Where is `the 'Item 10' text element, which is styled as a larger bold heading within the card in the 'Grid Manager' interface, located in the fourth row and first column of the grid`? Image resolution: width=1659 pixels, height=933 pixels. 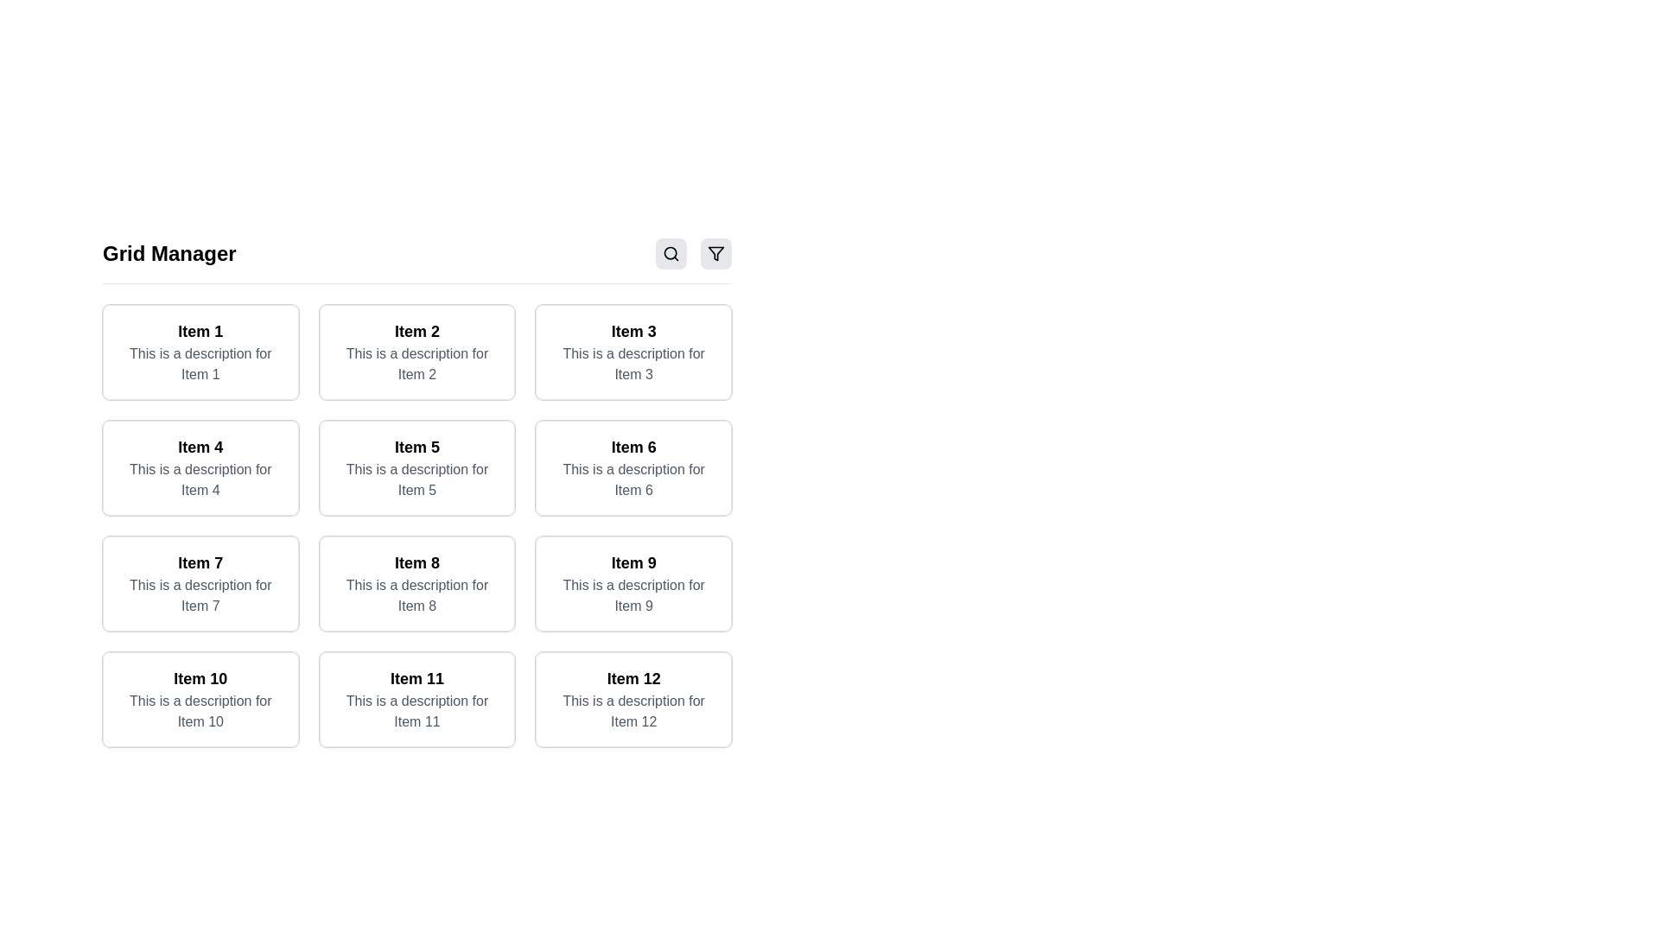
the 'Item 10' text element, which is styled as a larger bold heading within the card in the 'Grid Manager' interface, located in the fourth row and first column of the grid is located at coordinates (200, 678).